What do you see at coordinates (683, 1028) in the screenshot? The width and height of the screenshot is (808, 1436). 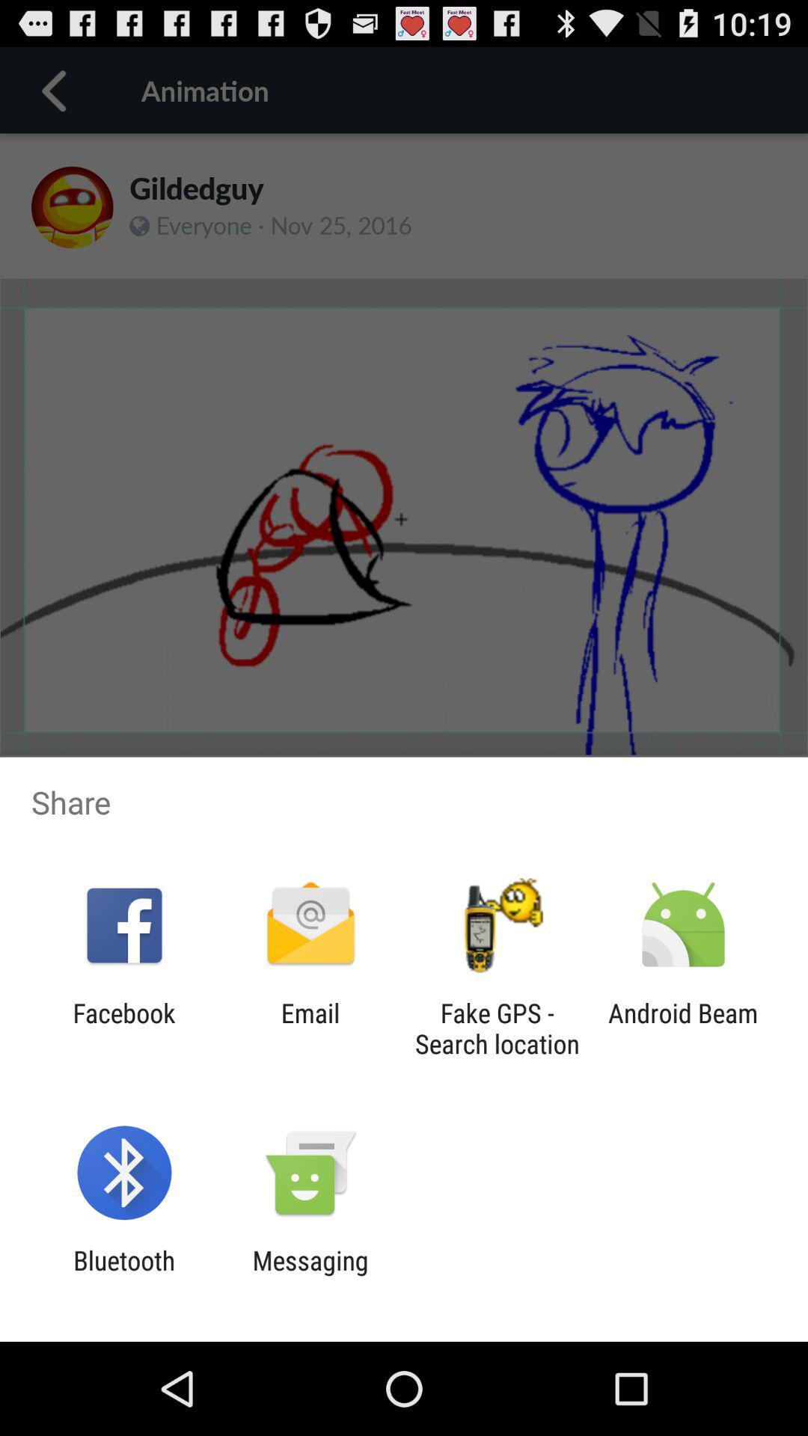 I see `the android beam icon` at bounding box center [683, 1028].